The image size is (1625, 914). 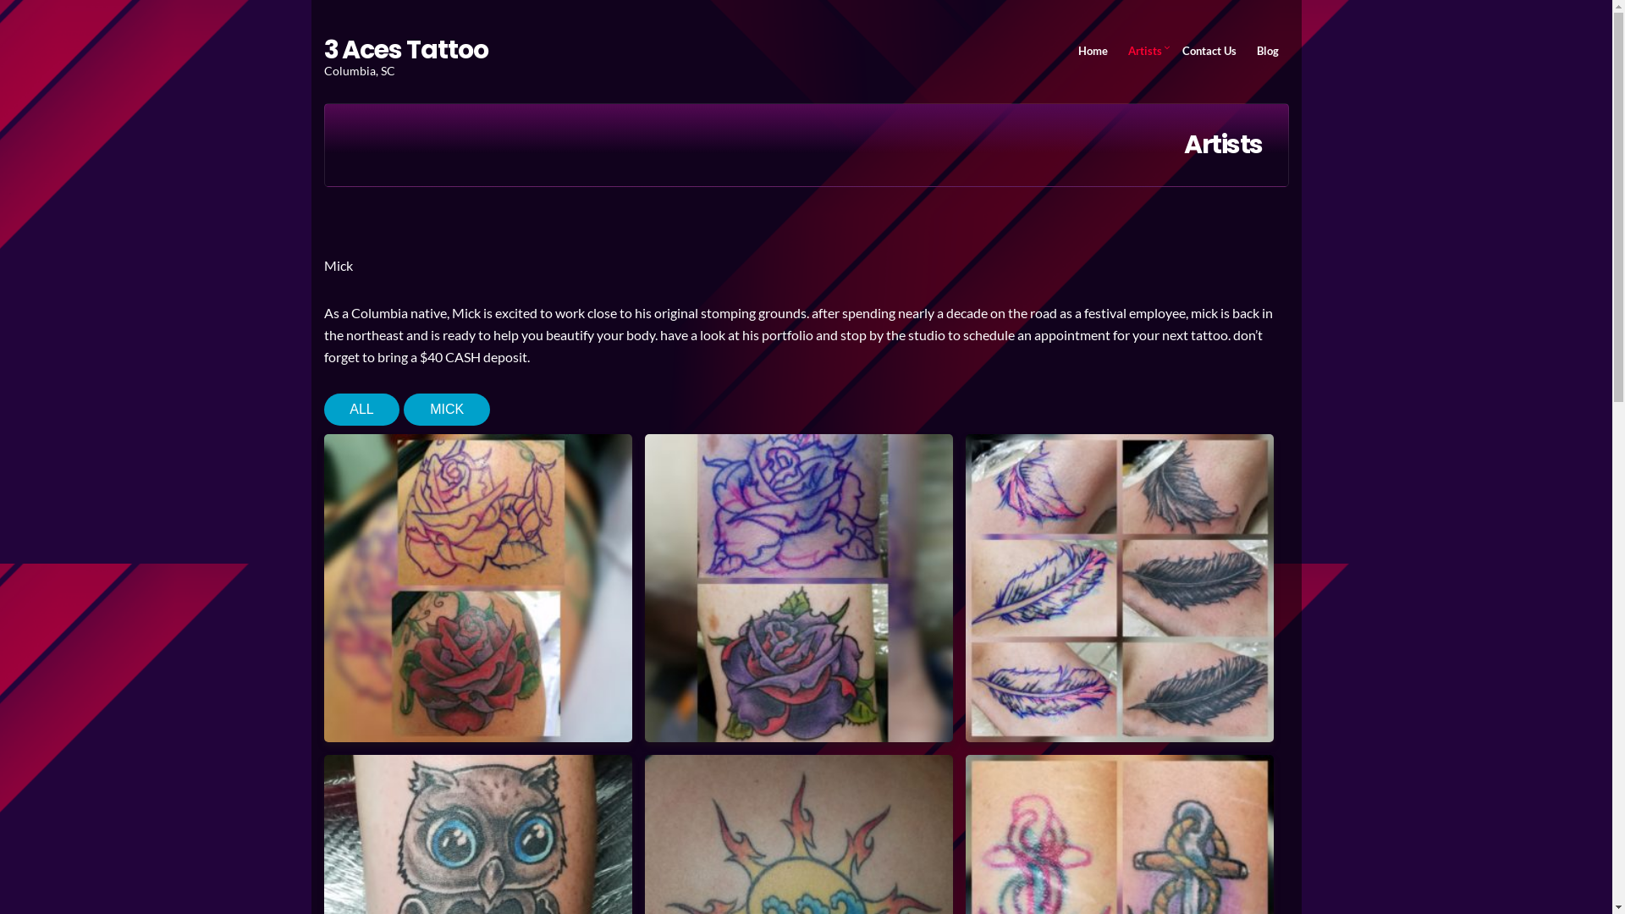 I want to click on 'ALL', so click(x=361, y=409).